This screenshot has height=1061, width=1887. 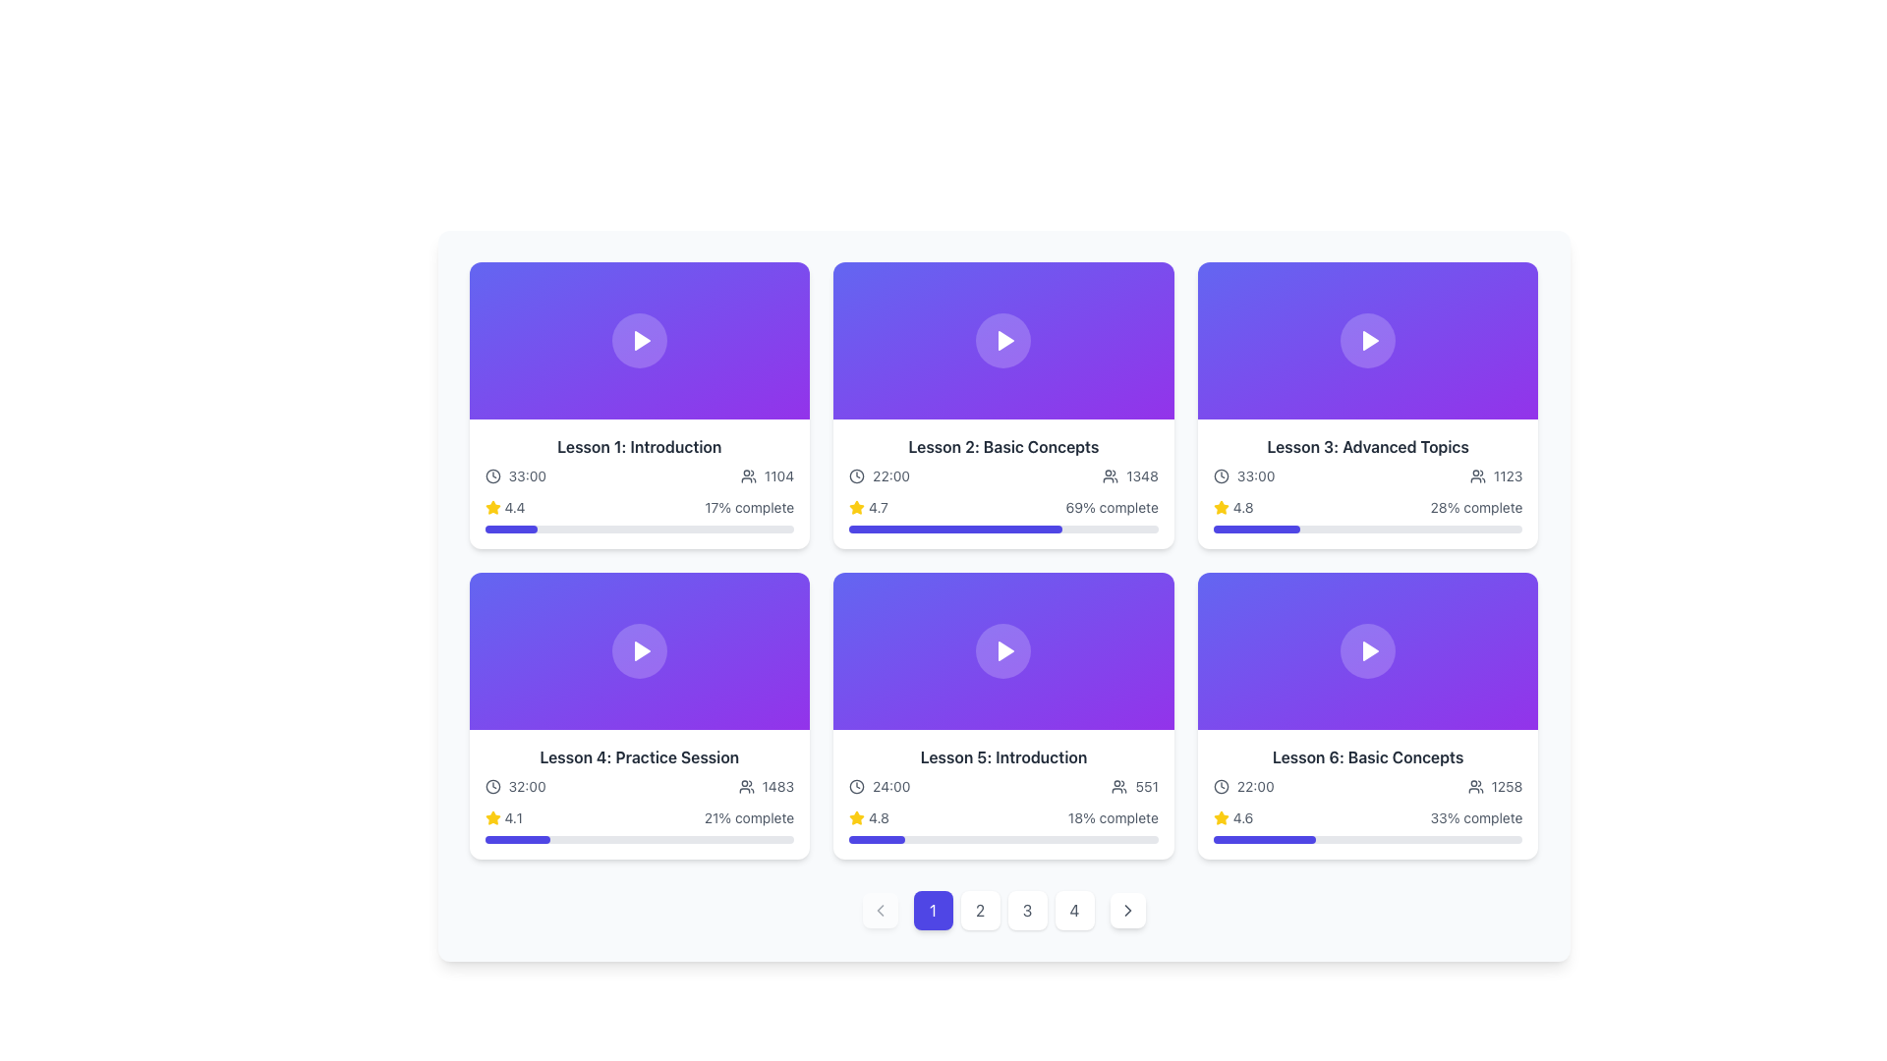 What do you see at coordinates (492, 817) in the screenshot?
I see `the star icon located in the rating section below the card labeled 'Lesson 4: Practice Session' to rate or view rating details` at bounding box center [492, 817].